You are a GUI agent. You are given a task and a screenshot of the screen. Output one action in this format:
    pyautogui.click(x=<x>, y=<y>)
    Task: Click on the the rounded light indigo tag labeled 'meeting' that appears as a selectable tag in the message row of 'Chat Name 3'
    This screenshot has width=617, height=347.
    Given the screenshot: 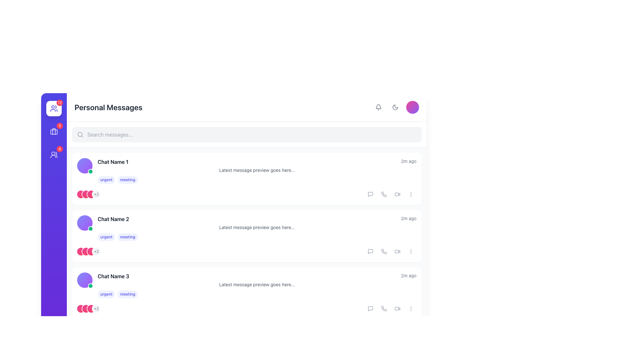 What is the action you would take?
    pyautogui.click(x=128, y=294)
    